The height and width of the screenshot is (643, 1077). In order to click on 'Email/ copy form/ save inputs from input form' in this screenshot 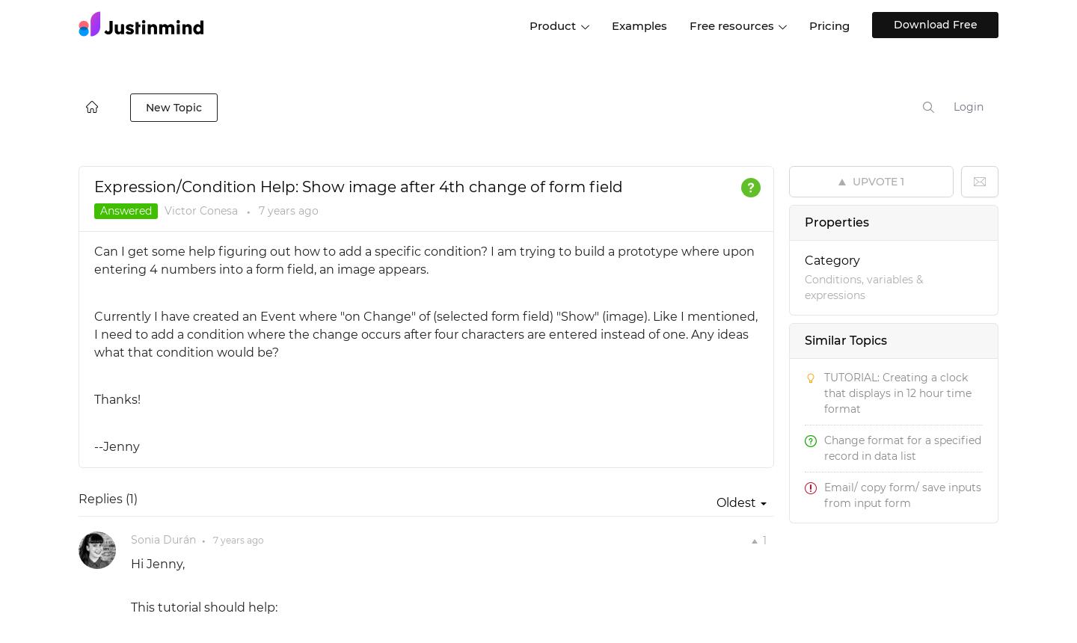, I will do `click(902, 495)`.